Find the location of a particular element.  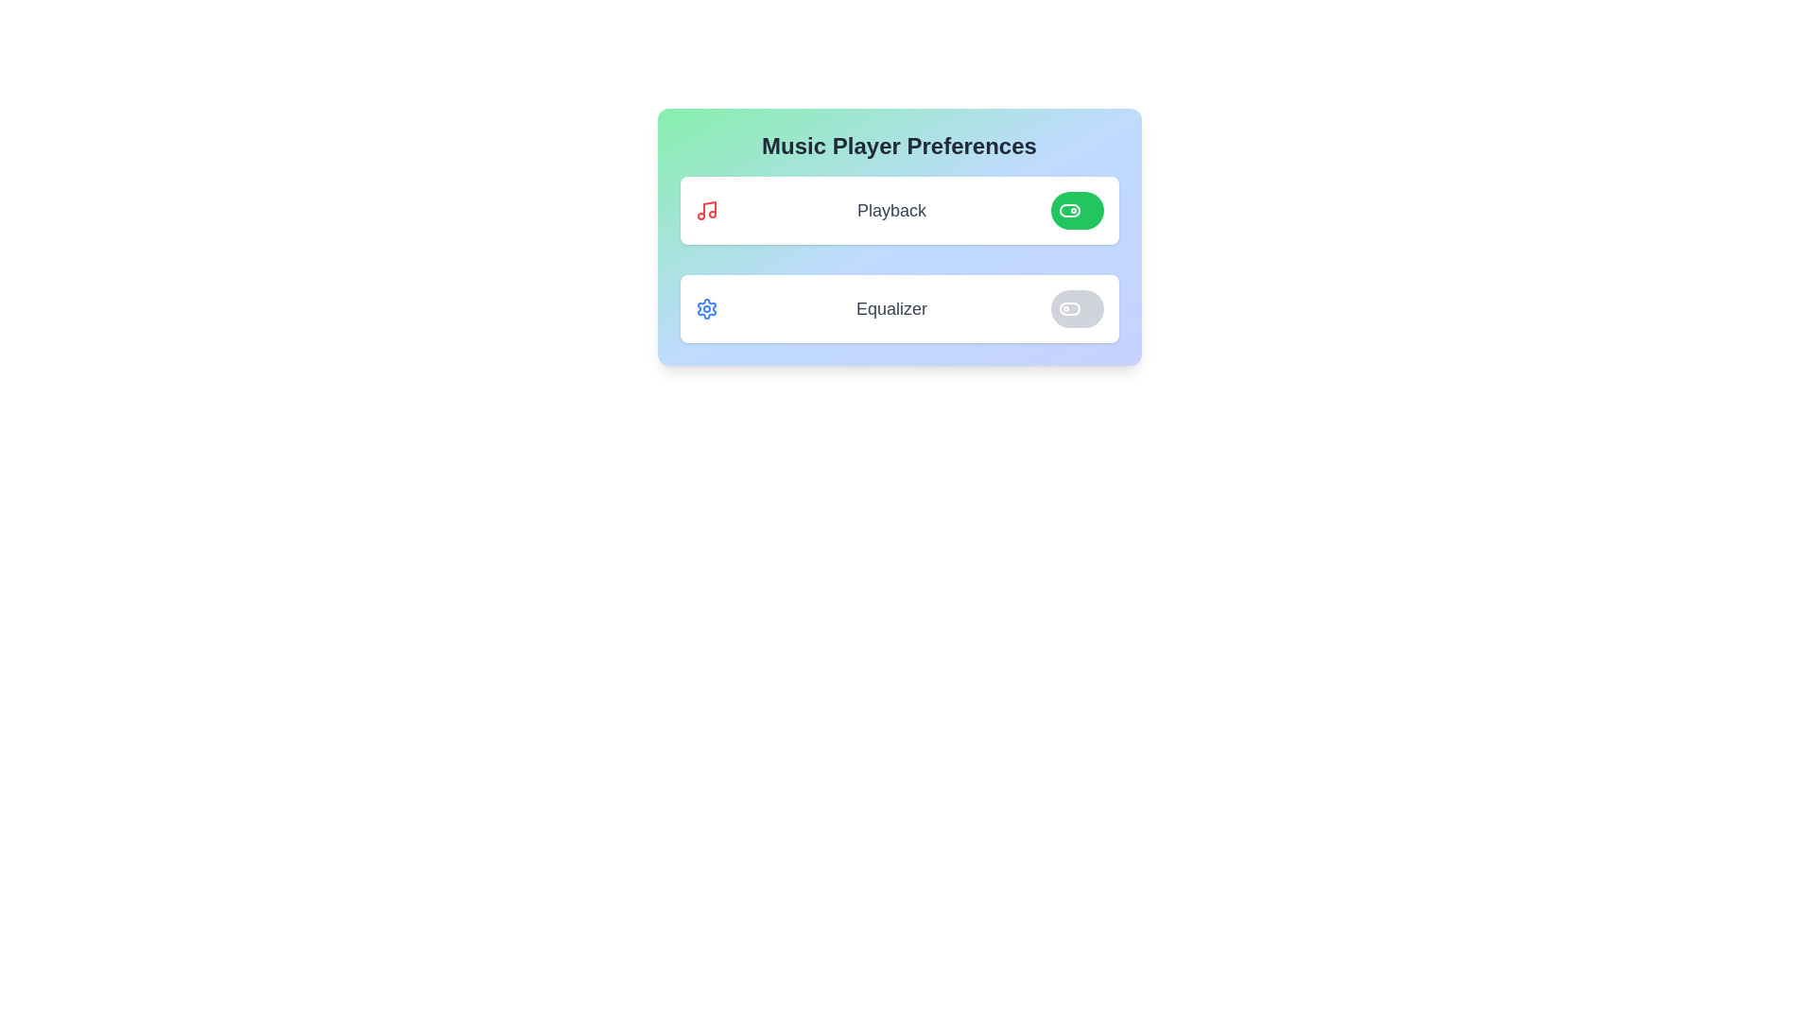

the gear-shaped icon with a blue outline located to the left of the 'Equalizer' text label in the music settings panel is located at coordinates (705, 308).